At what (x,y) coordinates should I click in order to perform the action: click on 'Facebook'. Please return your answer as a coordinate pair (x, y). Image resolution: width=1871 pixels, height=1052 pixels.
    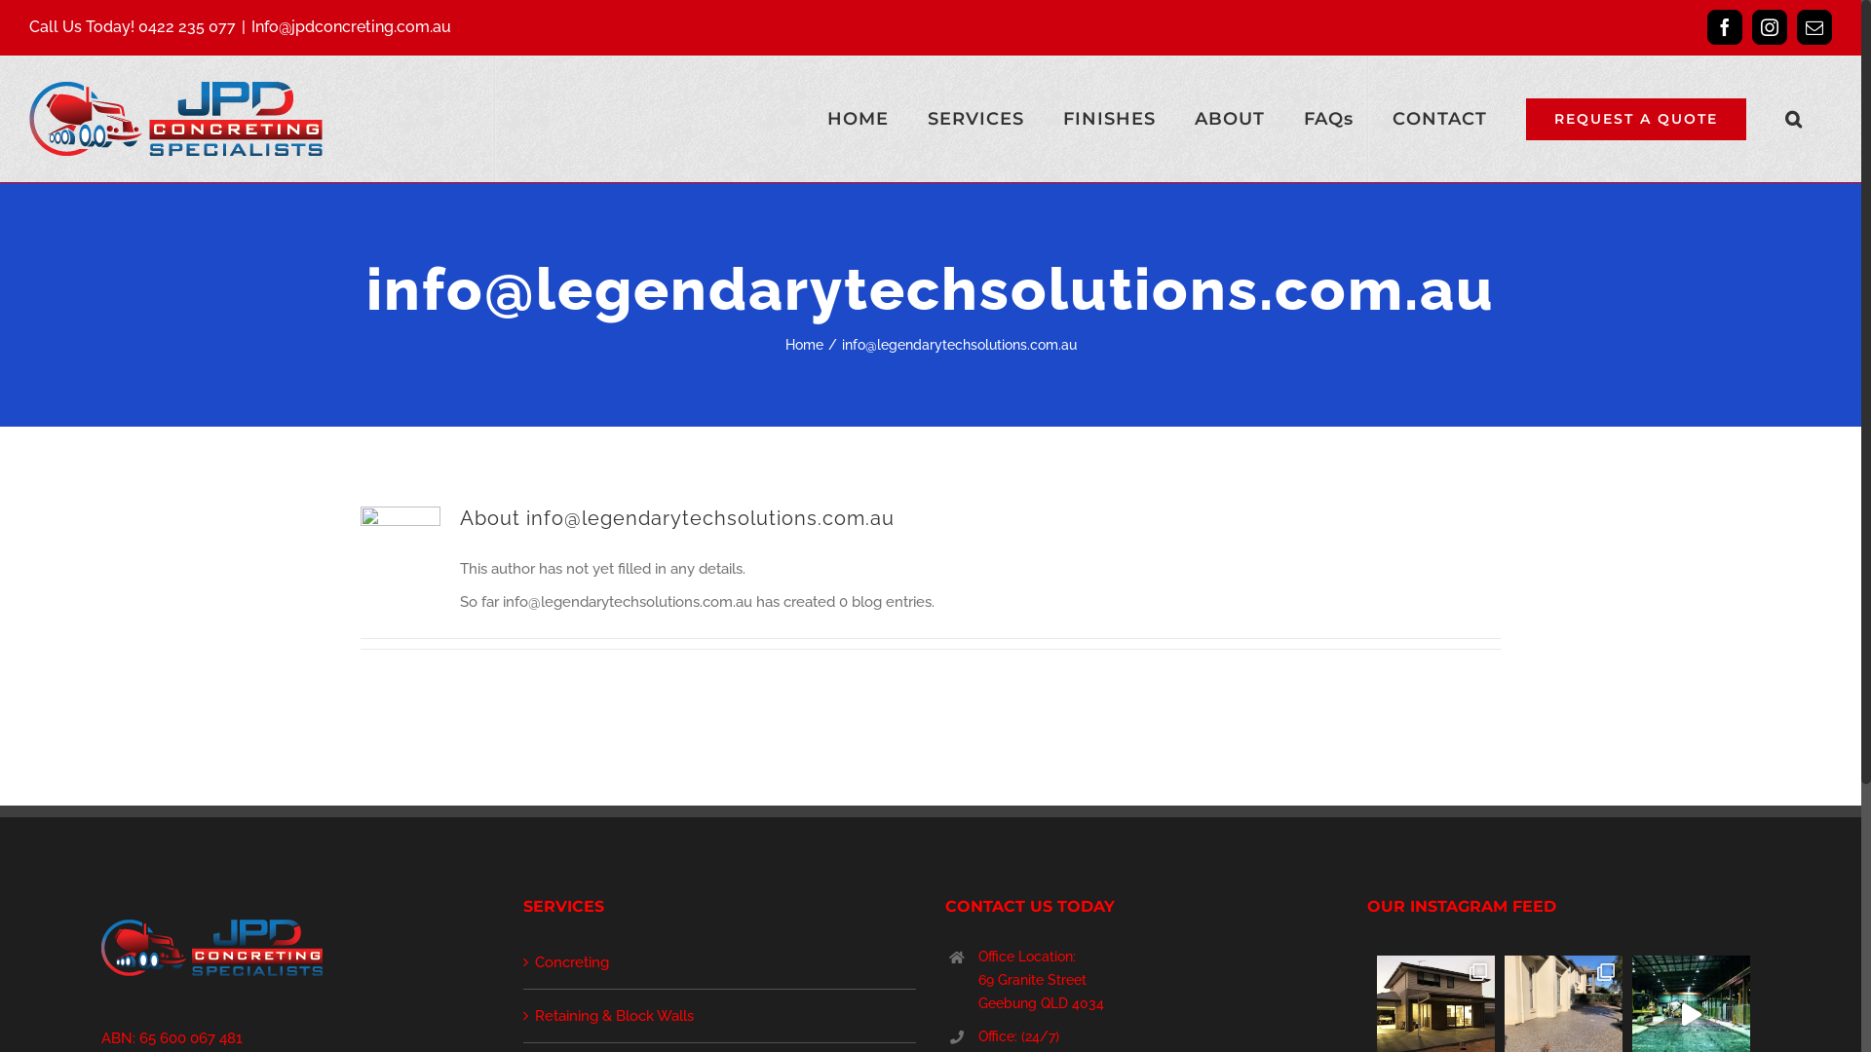
    Looking at the image, I should click on (1725, 26).